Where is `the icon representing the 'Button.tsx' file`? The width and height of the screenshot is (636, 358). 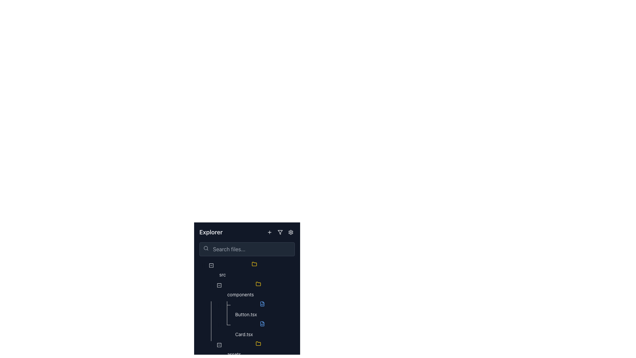 the icon representing the 'Button.tsx' file is located at coordinates (263, 305).